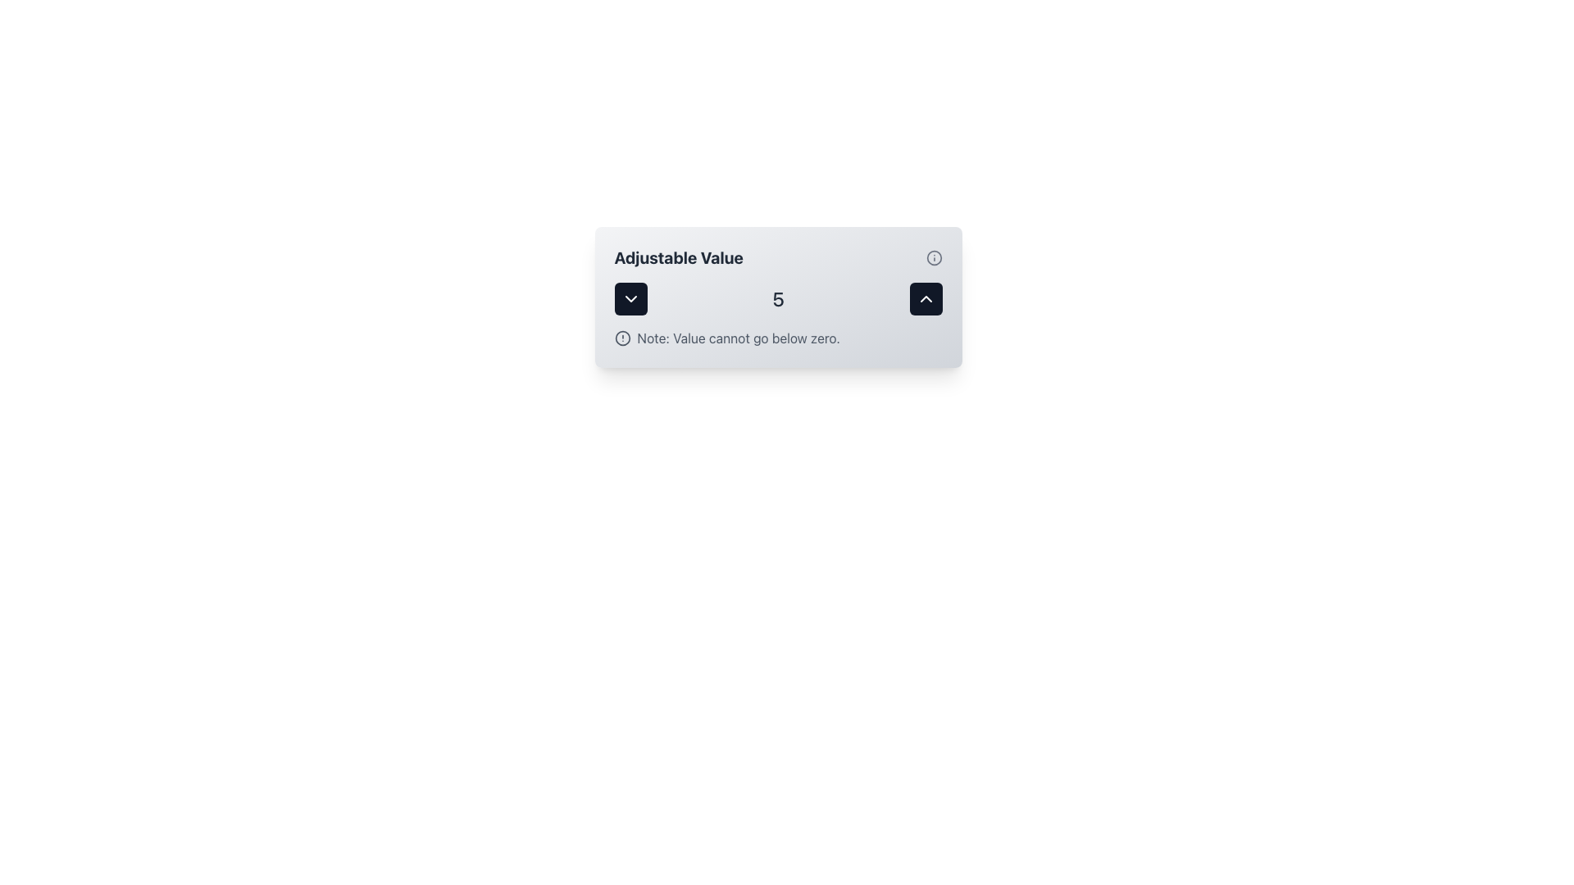 Image resolution: width=1574 pixels, height=885 pixels. I want to click on the small, square button with a dark gray background and a white upward arrow icon, located to the far right of the numeric value '5', to increment the value, so click(926, 299).